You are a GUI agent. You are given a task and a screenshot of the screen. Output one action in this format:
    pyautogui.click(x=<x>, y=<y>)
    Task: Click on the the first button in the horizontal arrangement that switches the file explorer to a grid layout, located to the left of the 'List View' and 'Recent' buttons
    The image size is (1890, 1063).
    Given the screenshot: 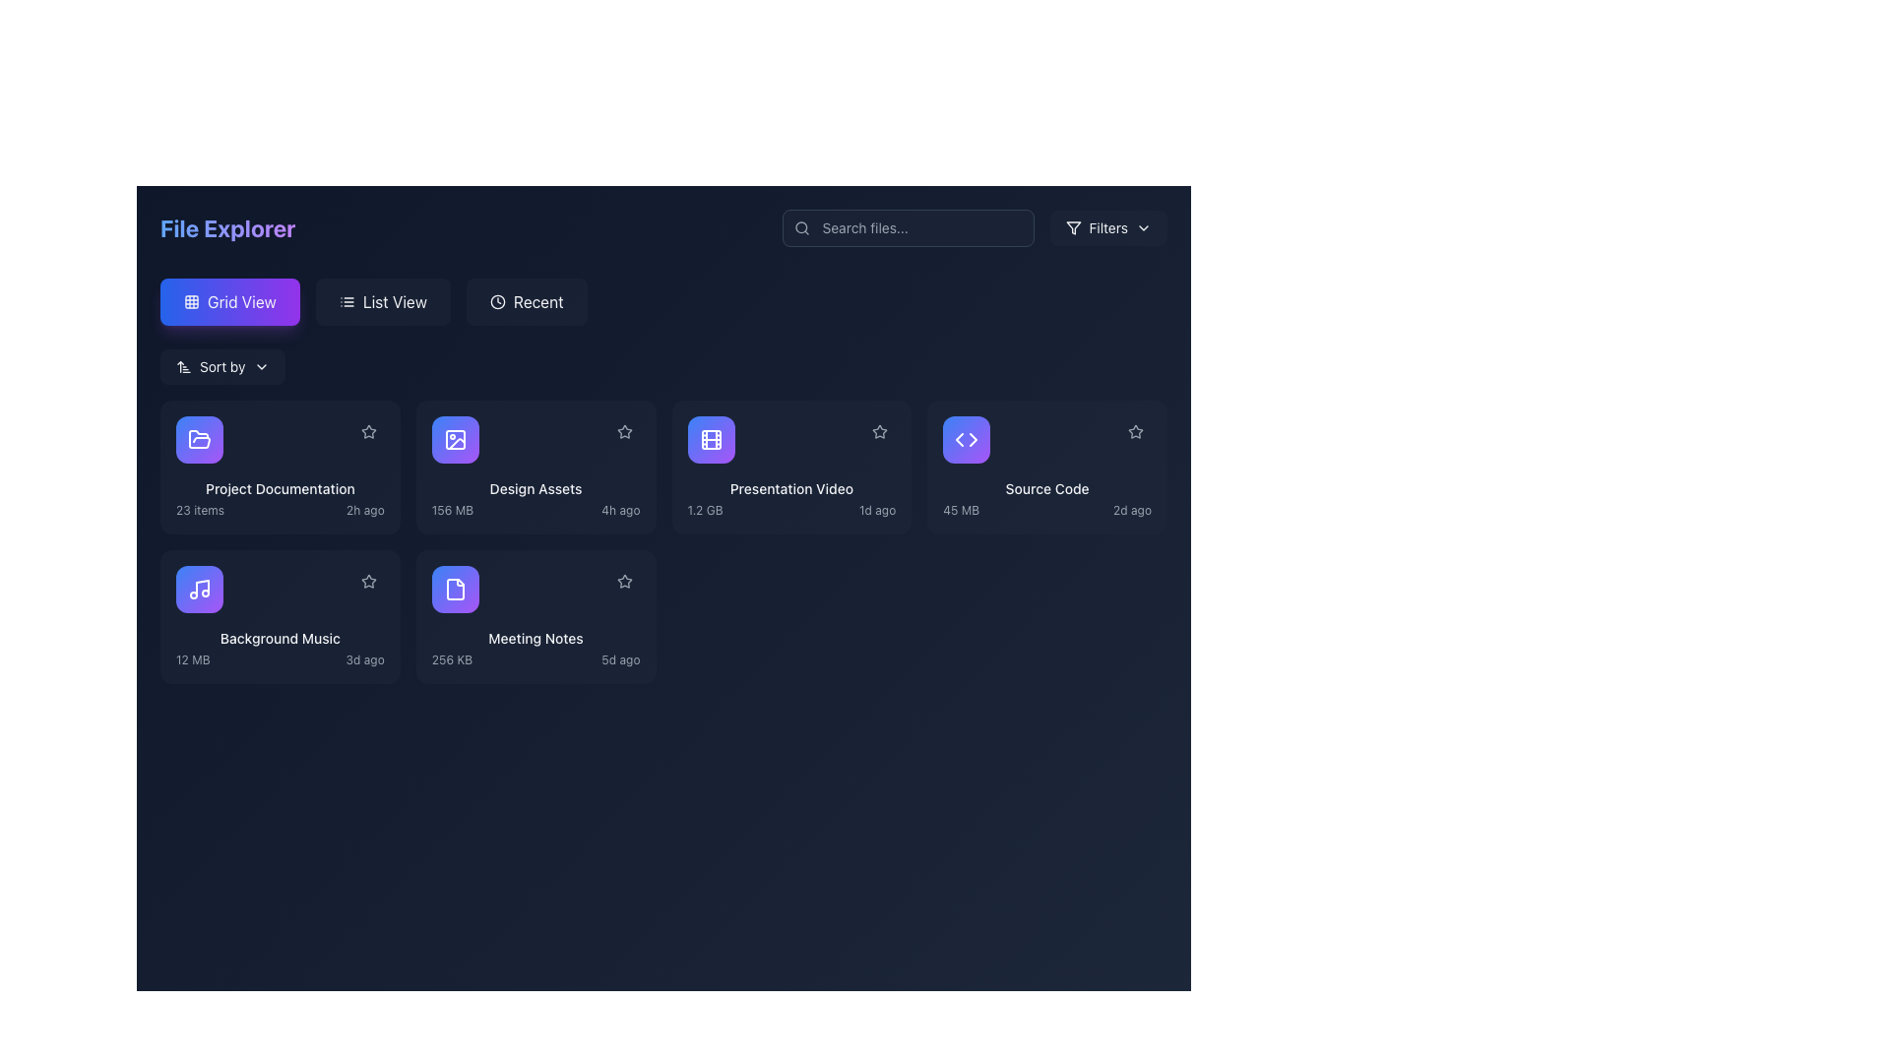 What is the action you would take?
    pyautogui.click(x=229, y=302)
    